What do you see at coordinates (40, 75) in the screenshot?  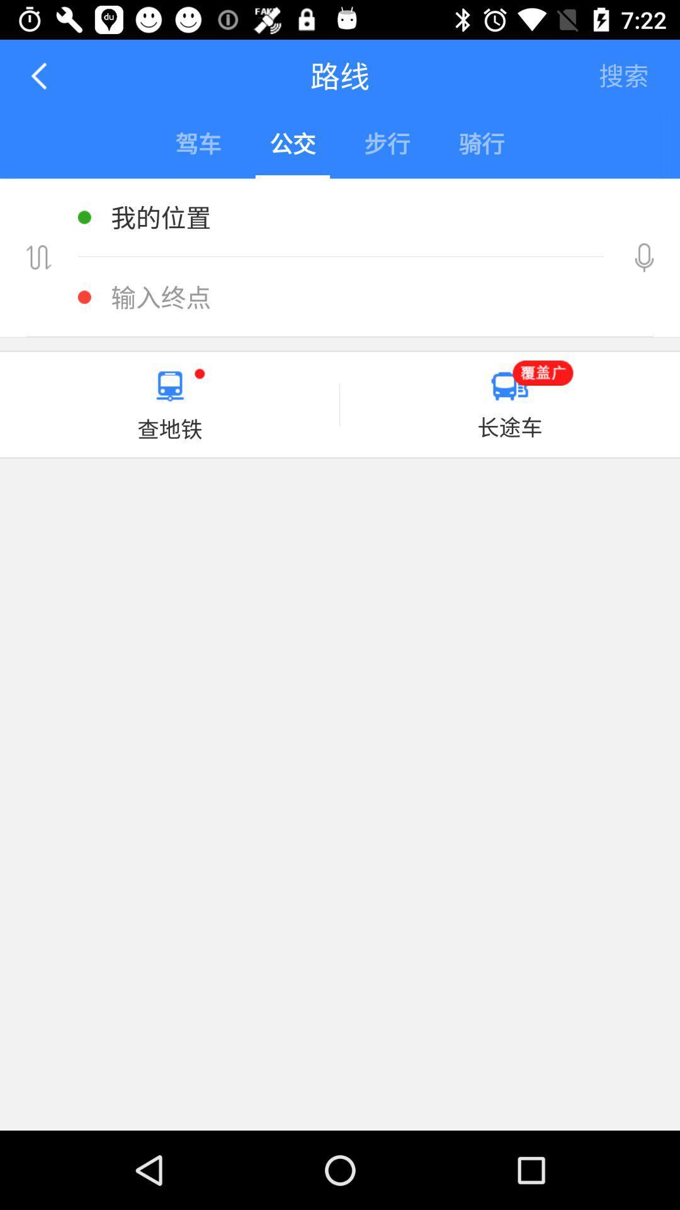 I see `the arrow_backward icon` at bounding box center [40, 75].